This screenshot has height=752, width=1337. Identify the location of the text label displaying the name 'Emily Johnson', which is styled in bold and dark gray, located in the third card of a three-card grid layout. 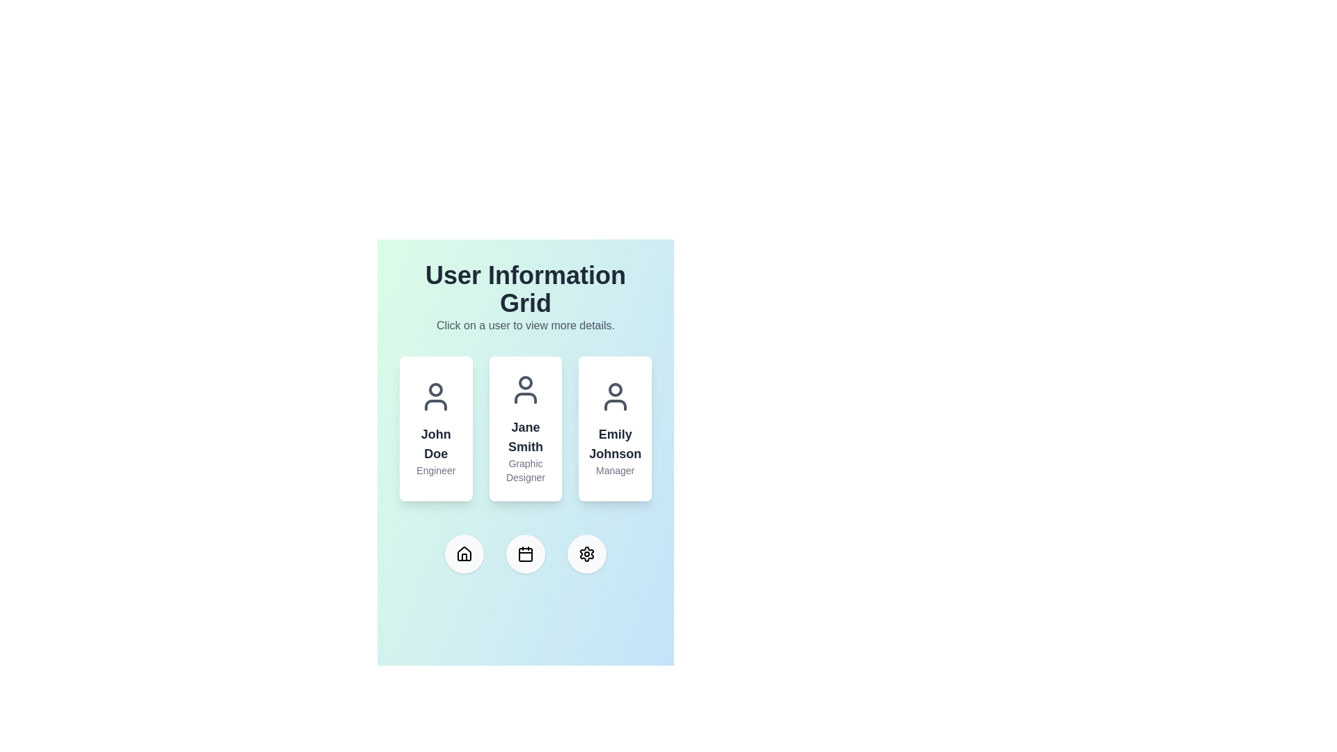
(614, 444).